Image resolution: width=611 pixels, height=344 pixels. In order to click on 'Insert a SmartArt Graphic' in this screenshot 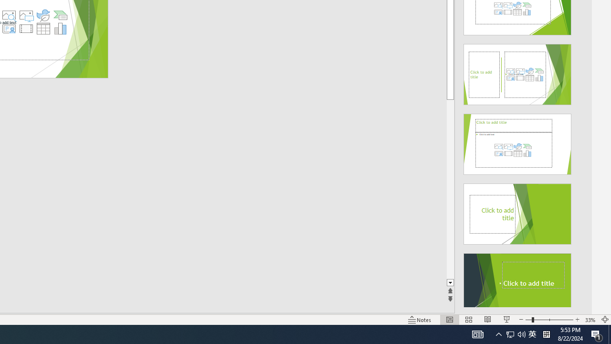, I will do `click(60, 15)`.